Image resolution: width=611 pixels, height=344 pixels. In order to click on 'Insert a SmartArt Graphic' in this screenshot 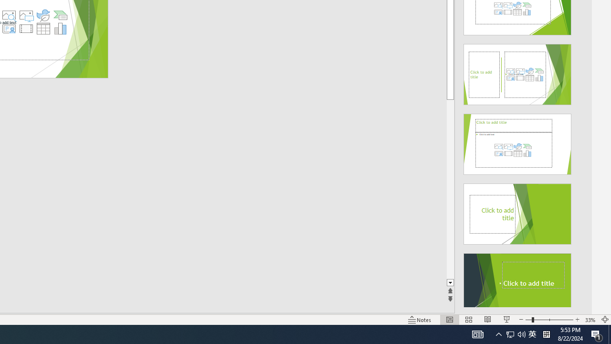, I will do `click(60, 15)`.